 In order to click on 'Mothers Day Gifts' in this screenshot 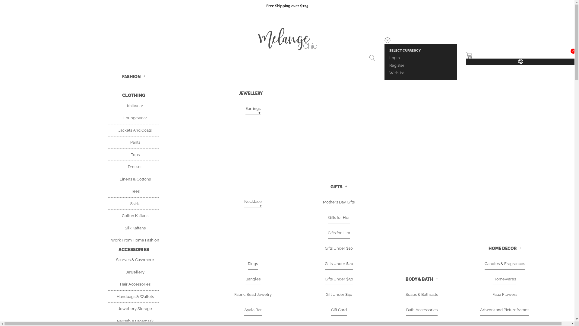, I will do `click(339, 202)`.